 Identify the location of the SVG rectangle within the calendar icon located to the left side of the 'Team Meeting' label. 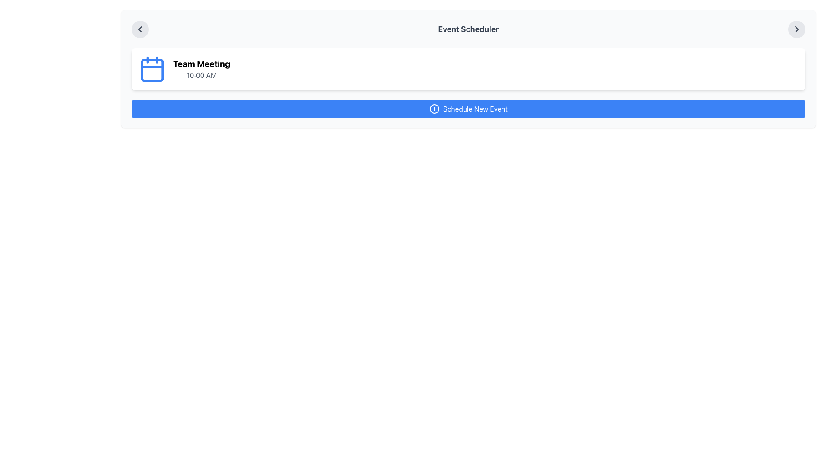
(152, 70).